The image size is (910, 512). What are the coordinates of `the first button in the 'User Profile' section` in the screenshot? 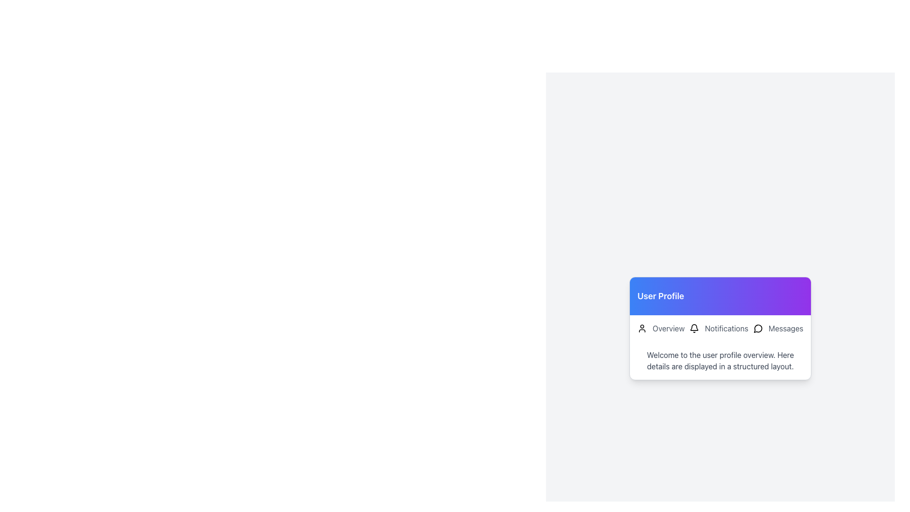 It's located at (660, 328).